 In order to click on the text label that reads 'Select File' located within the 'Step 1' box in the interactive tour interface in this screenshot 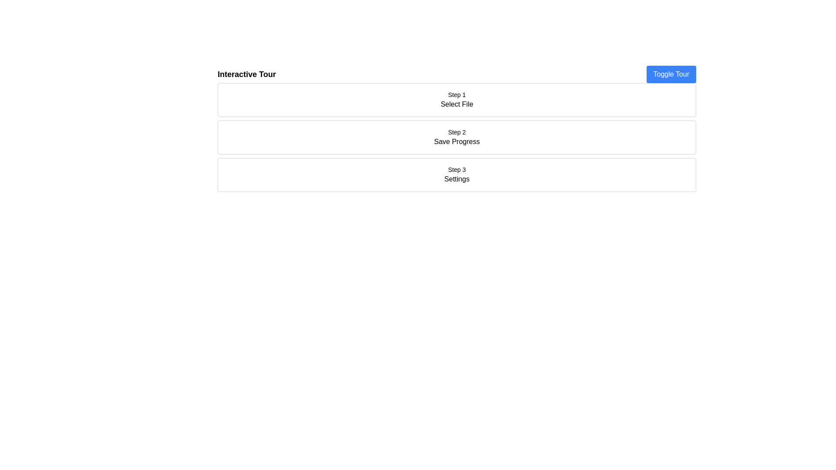, I will do `click(456, 104)`.